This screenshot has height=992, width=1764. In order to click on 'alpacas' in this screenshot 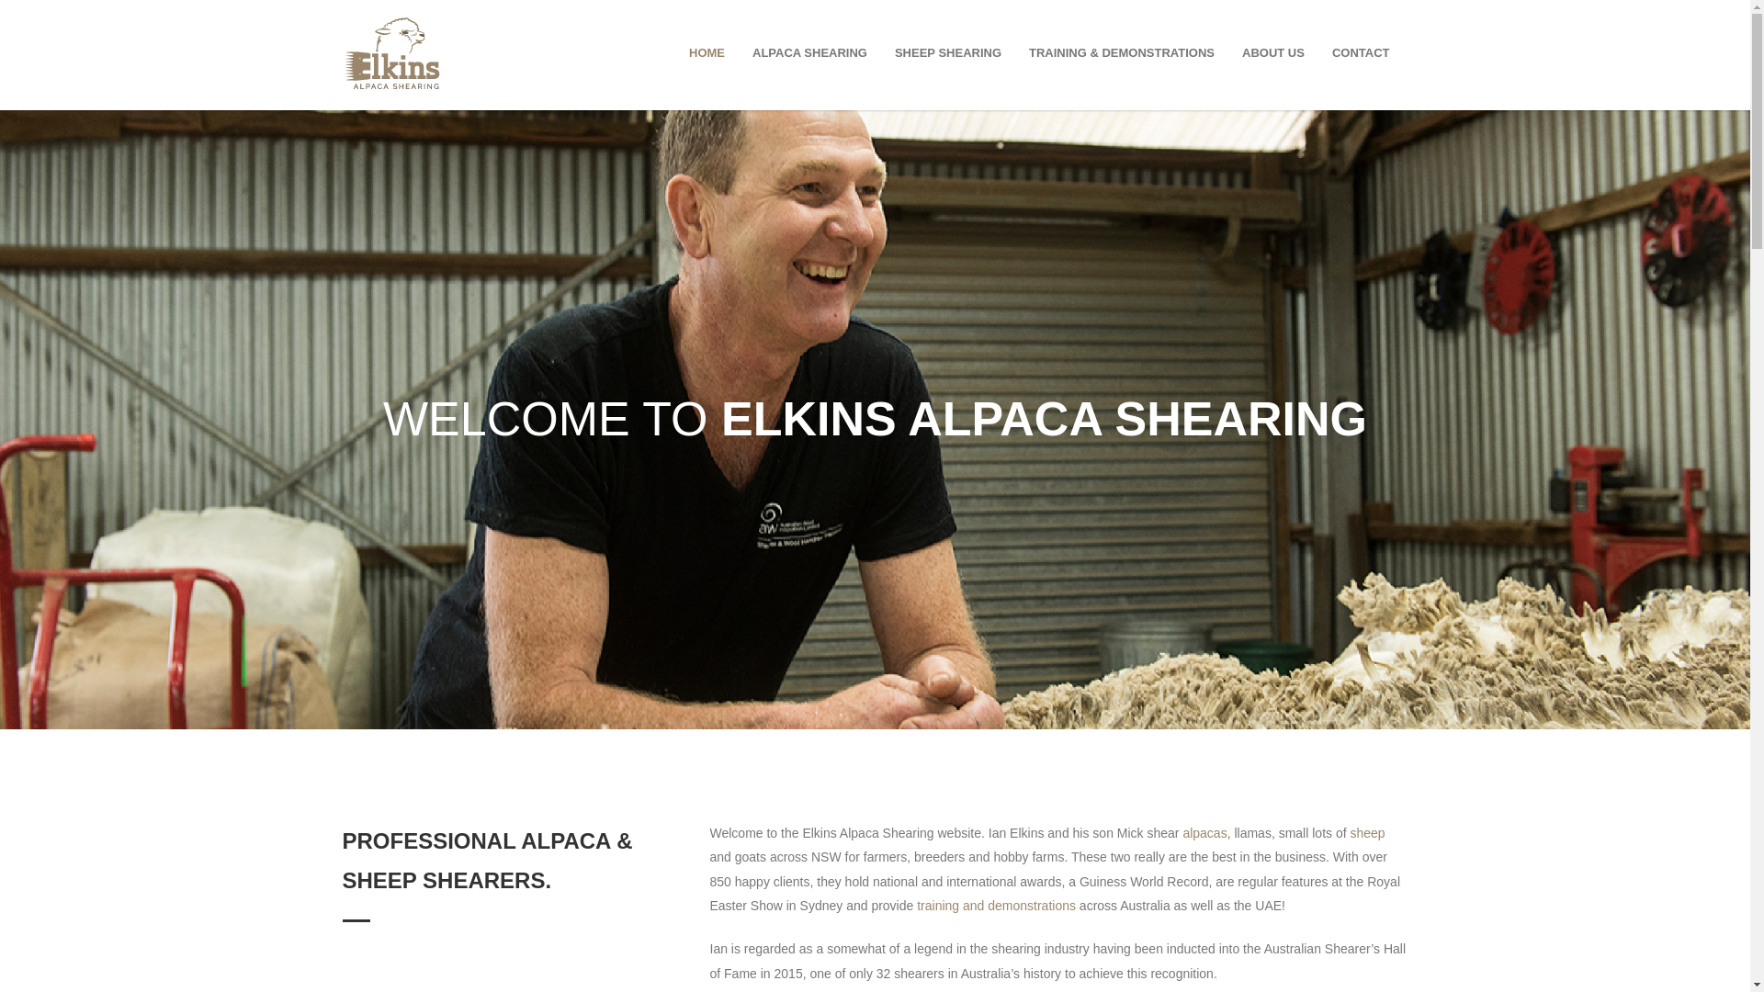, I will do `click(1204, 832)`.